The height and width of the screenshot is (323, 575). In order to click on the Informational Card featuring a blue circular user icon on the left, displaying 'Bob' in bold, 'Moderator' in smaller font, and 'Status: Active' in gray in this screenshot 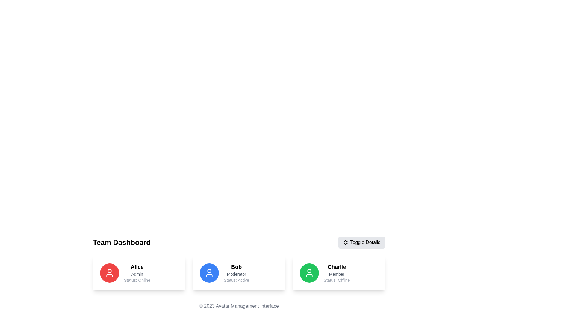, I will do `click(238, 273)`.